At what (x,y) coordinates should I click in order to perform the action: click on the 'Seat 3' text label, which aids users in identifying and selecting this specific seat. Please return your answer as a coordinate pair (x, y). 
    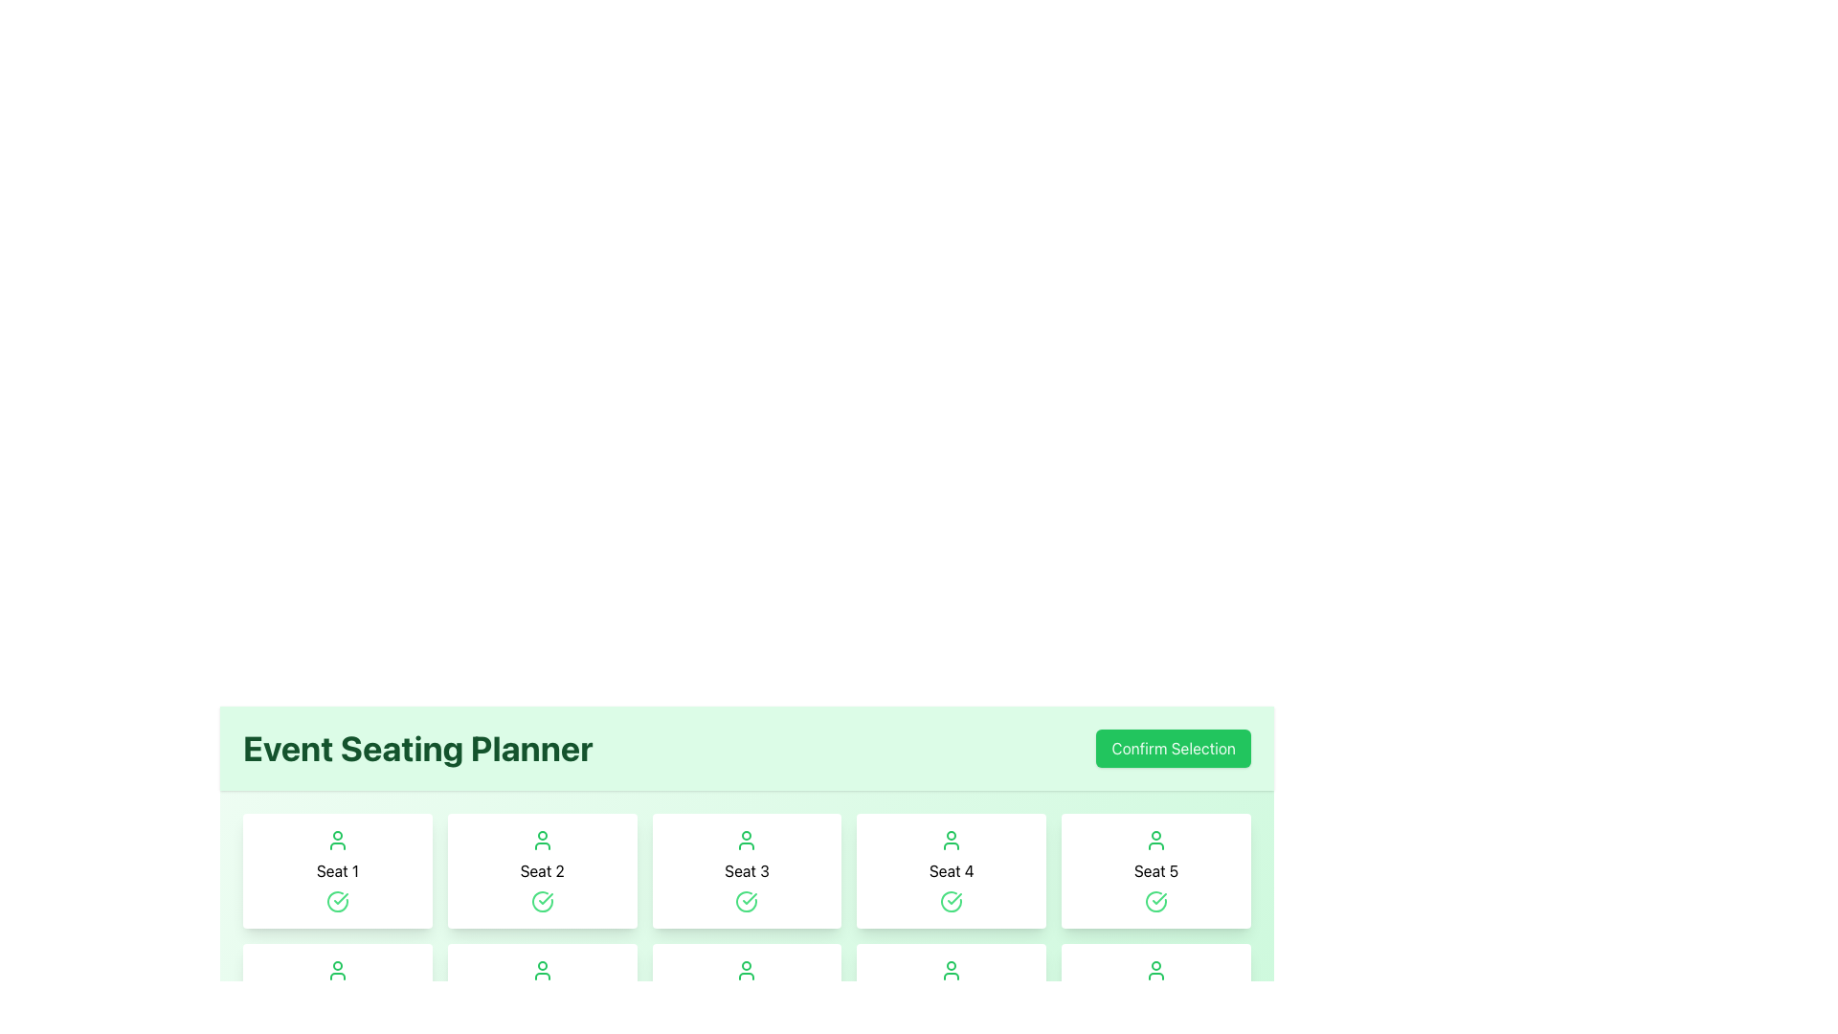
    Looking at the image, I should click on (746, 871).